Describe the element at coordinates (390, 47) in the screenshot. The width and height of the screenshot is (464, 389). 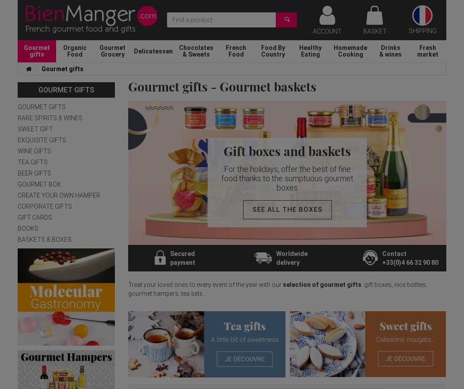
I see `'Drinks'` at that location.